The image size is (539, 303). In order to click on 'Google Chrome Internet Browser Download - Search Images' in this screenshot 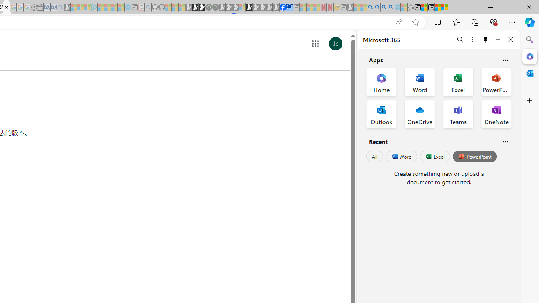, I will do `click(390, 7)`.